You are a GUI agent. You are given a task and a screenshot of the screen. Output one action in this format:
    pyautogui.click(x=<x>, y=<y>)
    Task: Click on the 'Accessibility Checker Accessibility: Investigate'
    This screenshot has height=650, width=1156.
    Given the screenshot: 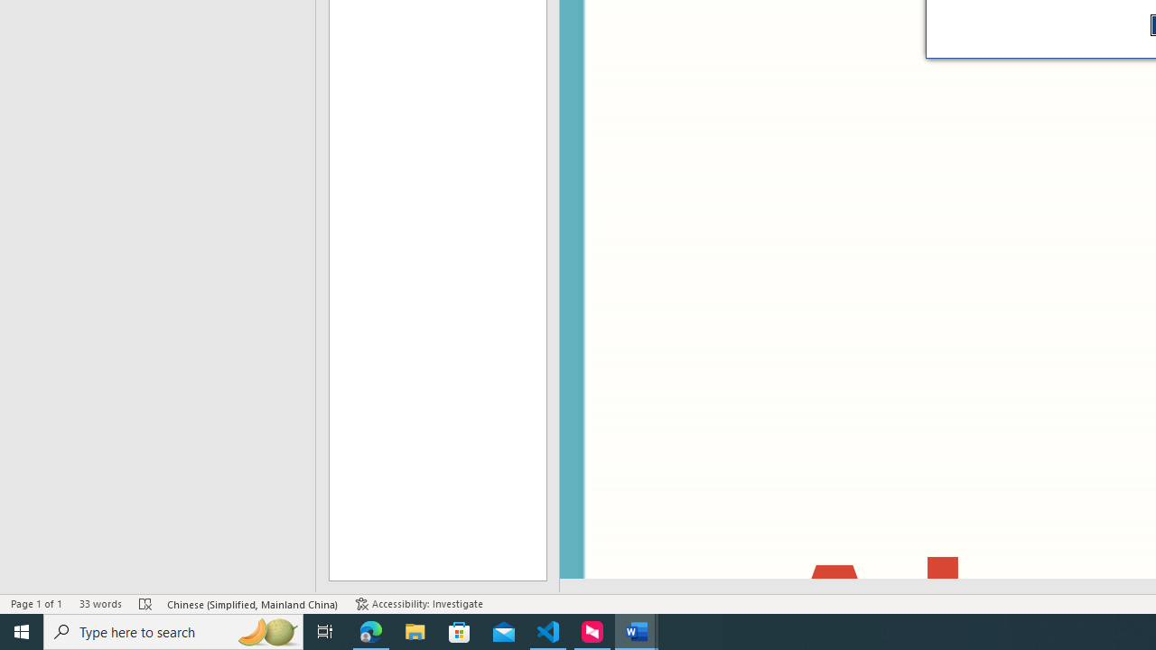 What is the action you would take?
    pyautogui.click(x=418, y=604)
    